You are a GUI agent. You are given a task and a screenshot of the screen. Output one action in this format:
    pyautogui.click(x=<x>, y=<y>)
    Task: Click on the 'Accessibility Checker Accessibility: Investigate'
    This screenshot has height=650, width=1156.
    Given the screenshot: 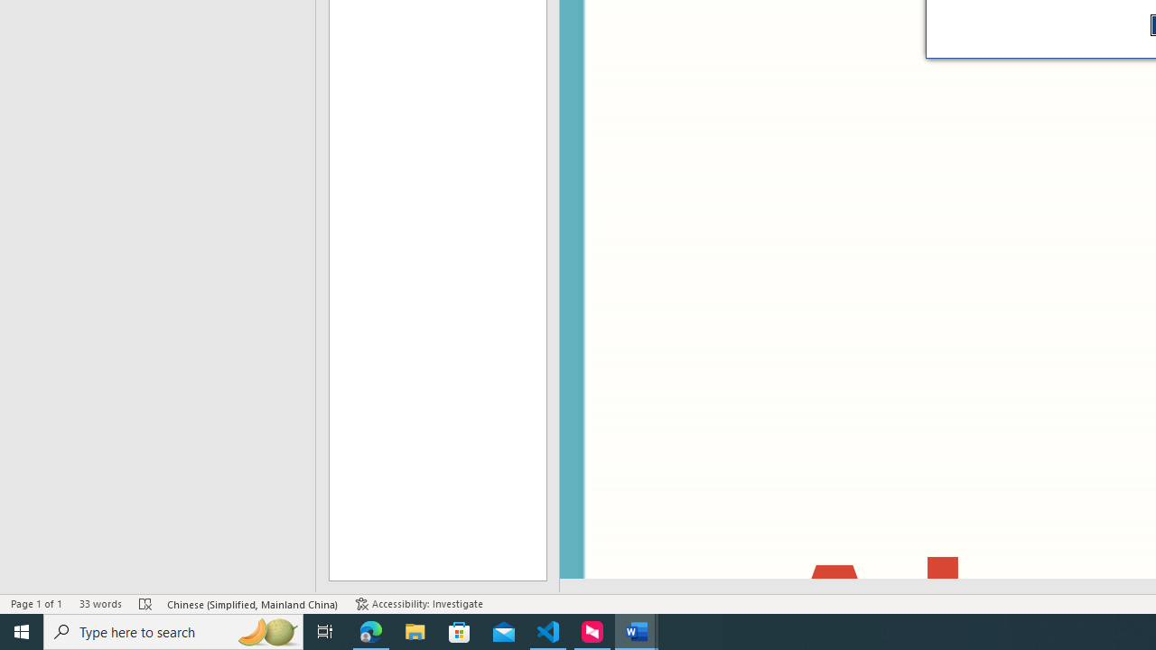 What is the action you would take?
    pyautogui.click(x=418, y=604)
    